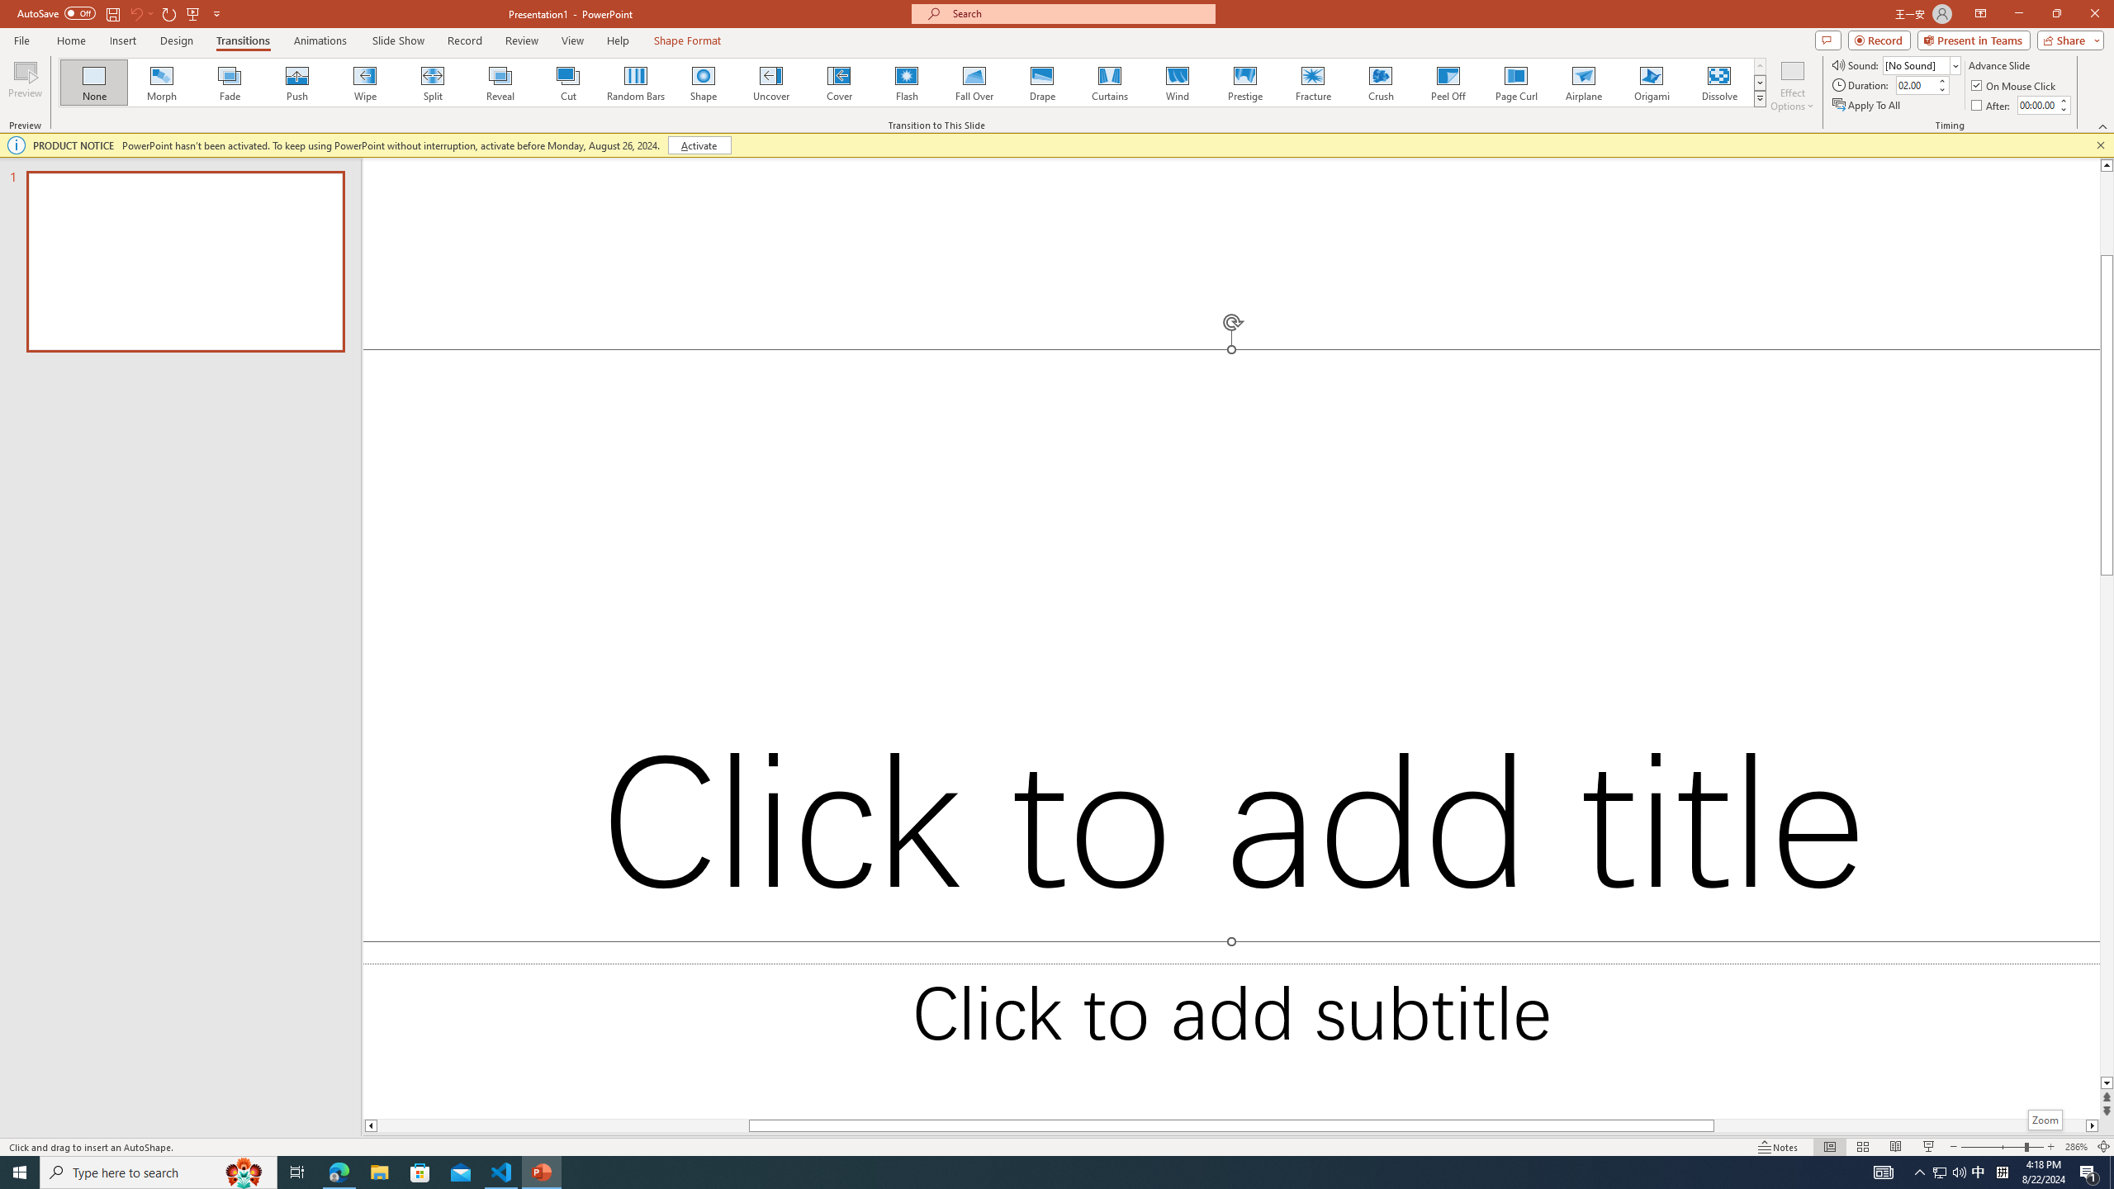  Describe the element at coordinates (699, 145) in the screenshot. I see `'Activate'` at that location.